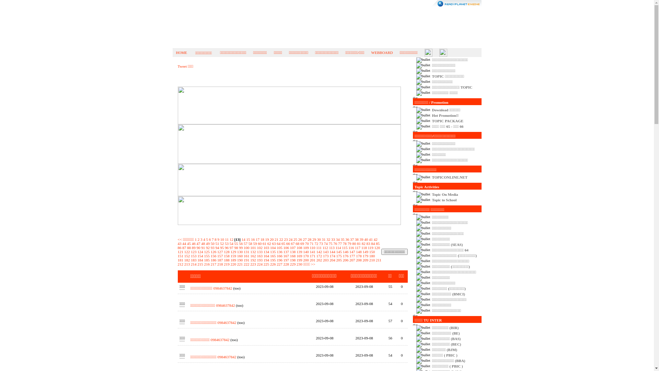 The height and width of the screenshot is (371, 659). I want to click on '157', so click(220, 256).